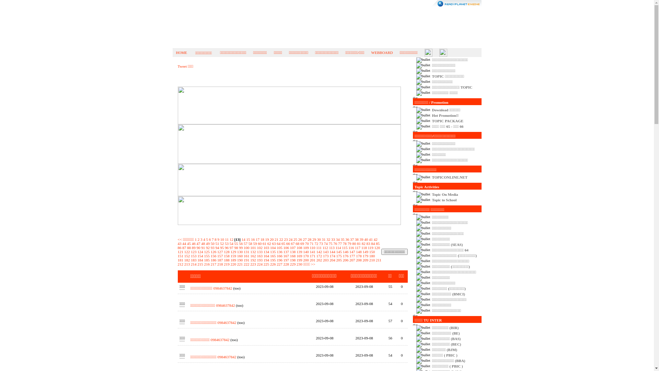 The height and width of the screenshot is (371, 659). I want to click on '157', so click(220, 256).